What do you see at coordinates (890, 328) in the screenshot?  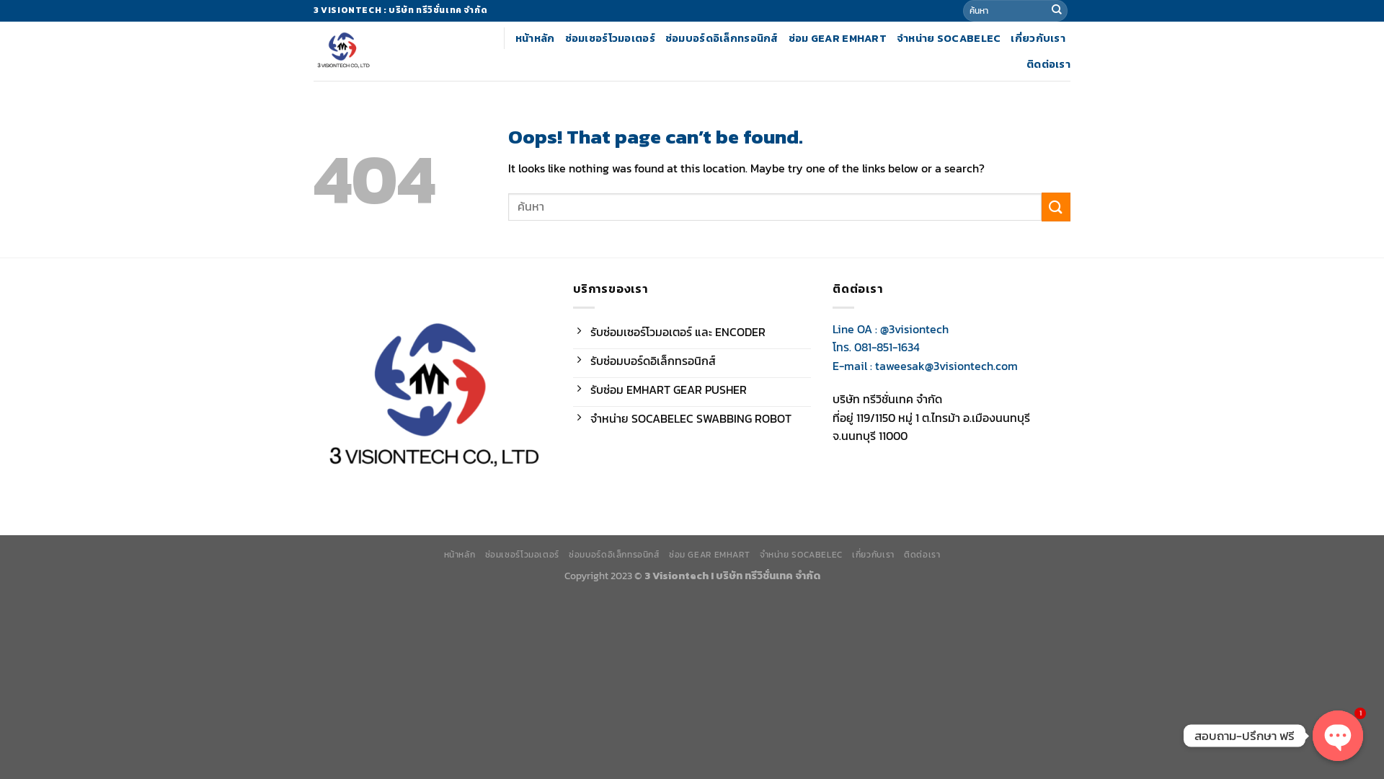 I see `'Line OA : @3visiontech'` at bounding box center [890, 328].